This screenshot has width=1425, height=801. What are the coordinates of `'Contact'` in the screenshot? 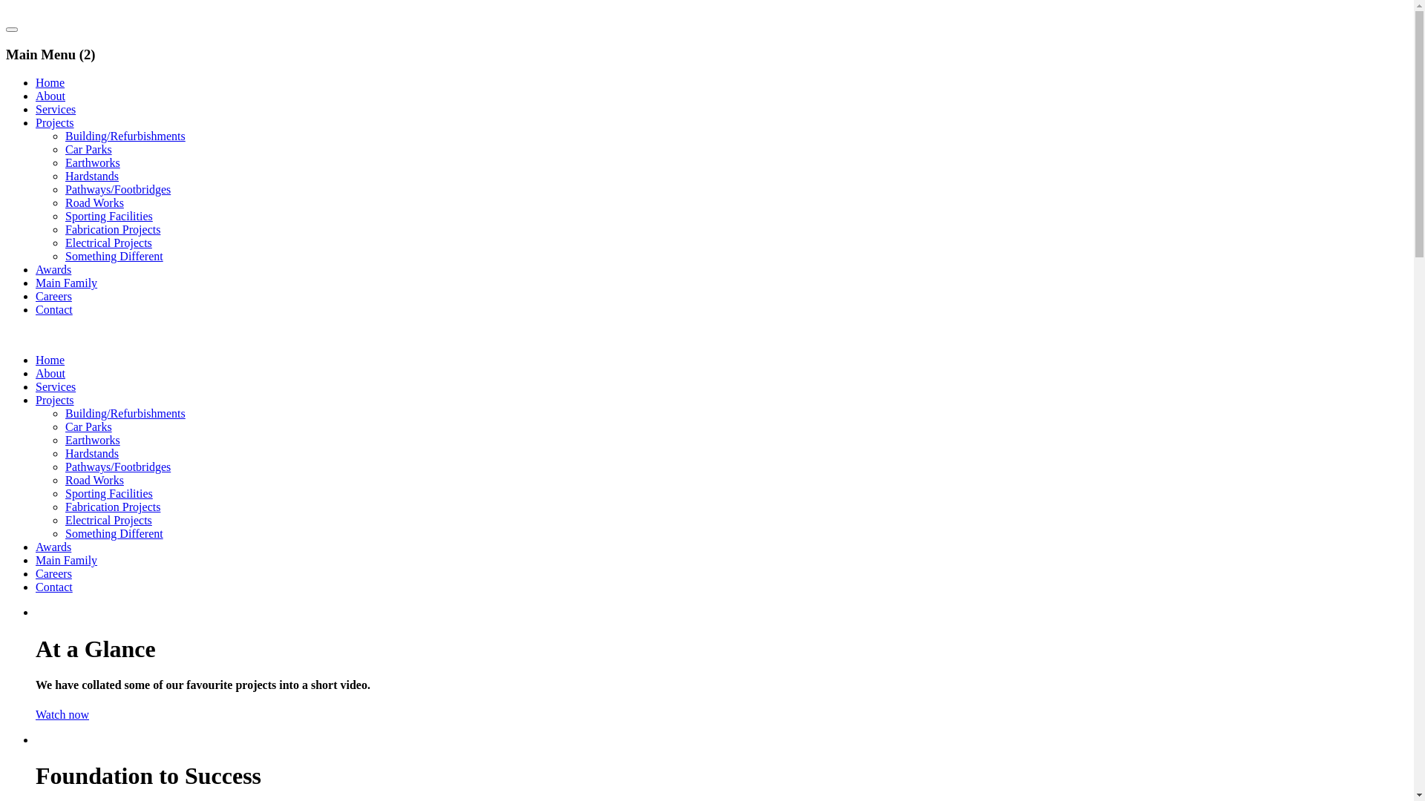 It's located at (36, 586).